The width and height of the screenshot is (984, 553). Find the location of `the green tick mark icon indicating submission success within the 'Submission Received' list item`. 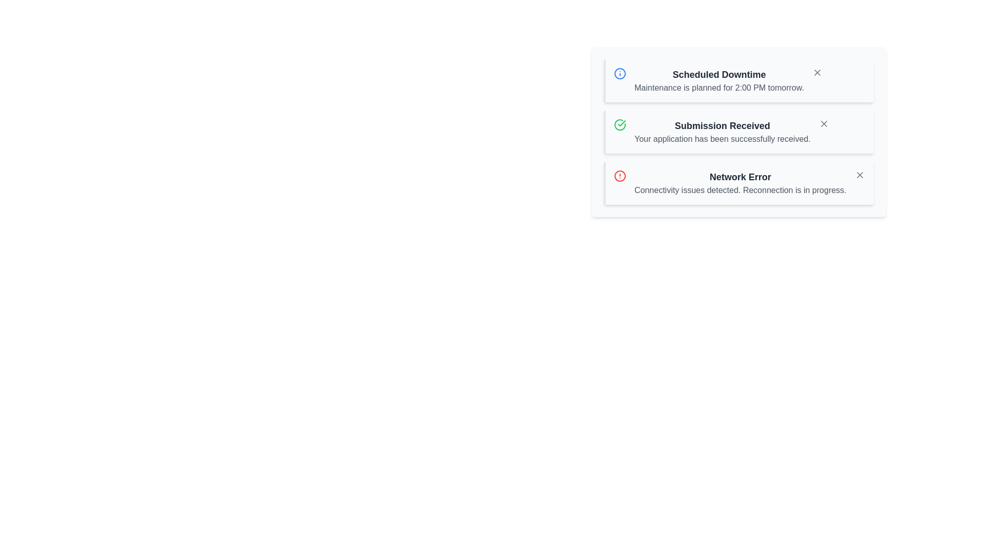

the green tick mark icon indicating submission success within the 'Submission Received' list item is located at coordinates (621, 122).